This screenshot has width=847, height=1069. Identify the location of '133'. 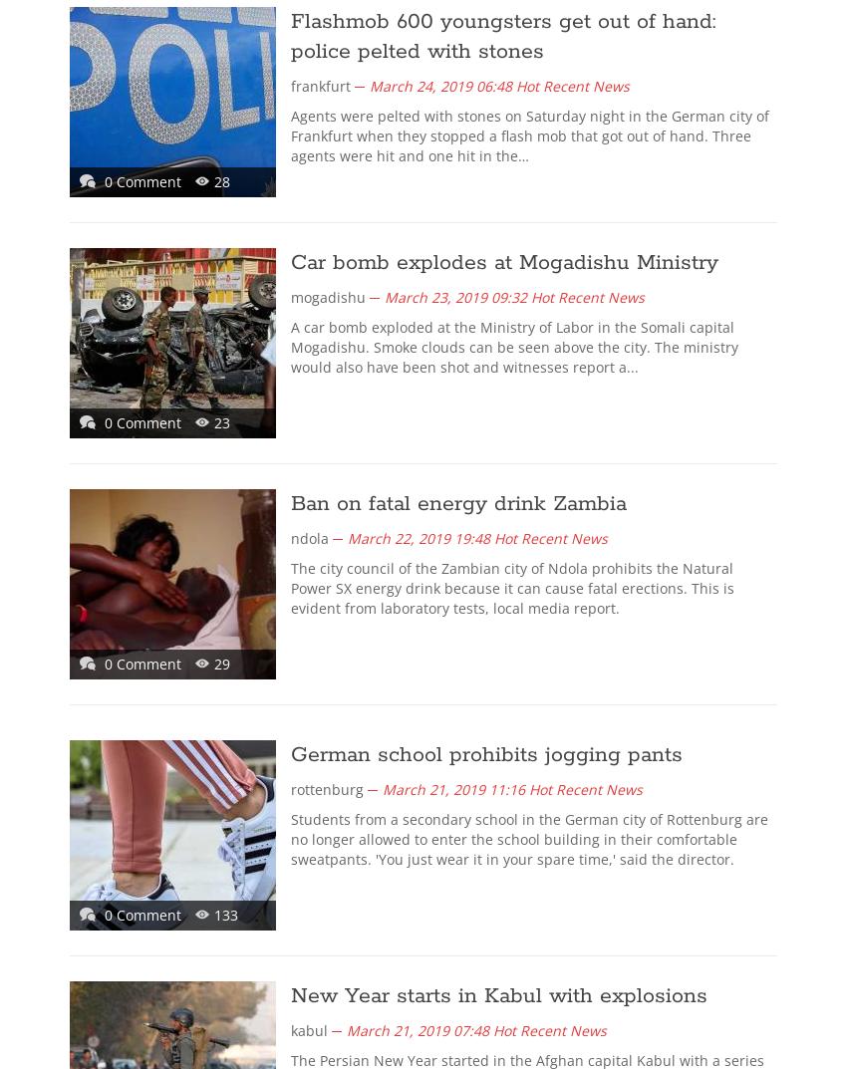
(213, 915).